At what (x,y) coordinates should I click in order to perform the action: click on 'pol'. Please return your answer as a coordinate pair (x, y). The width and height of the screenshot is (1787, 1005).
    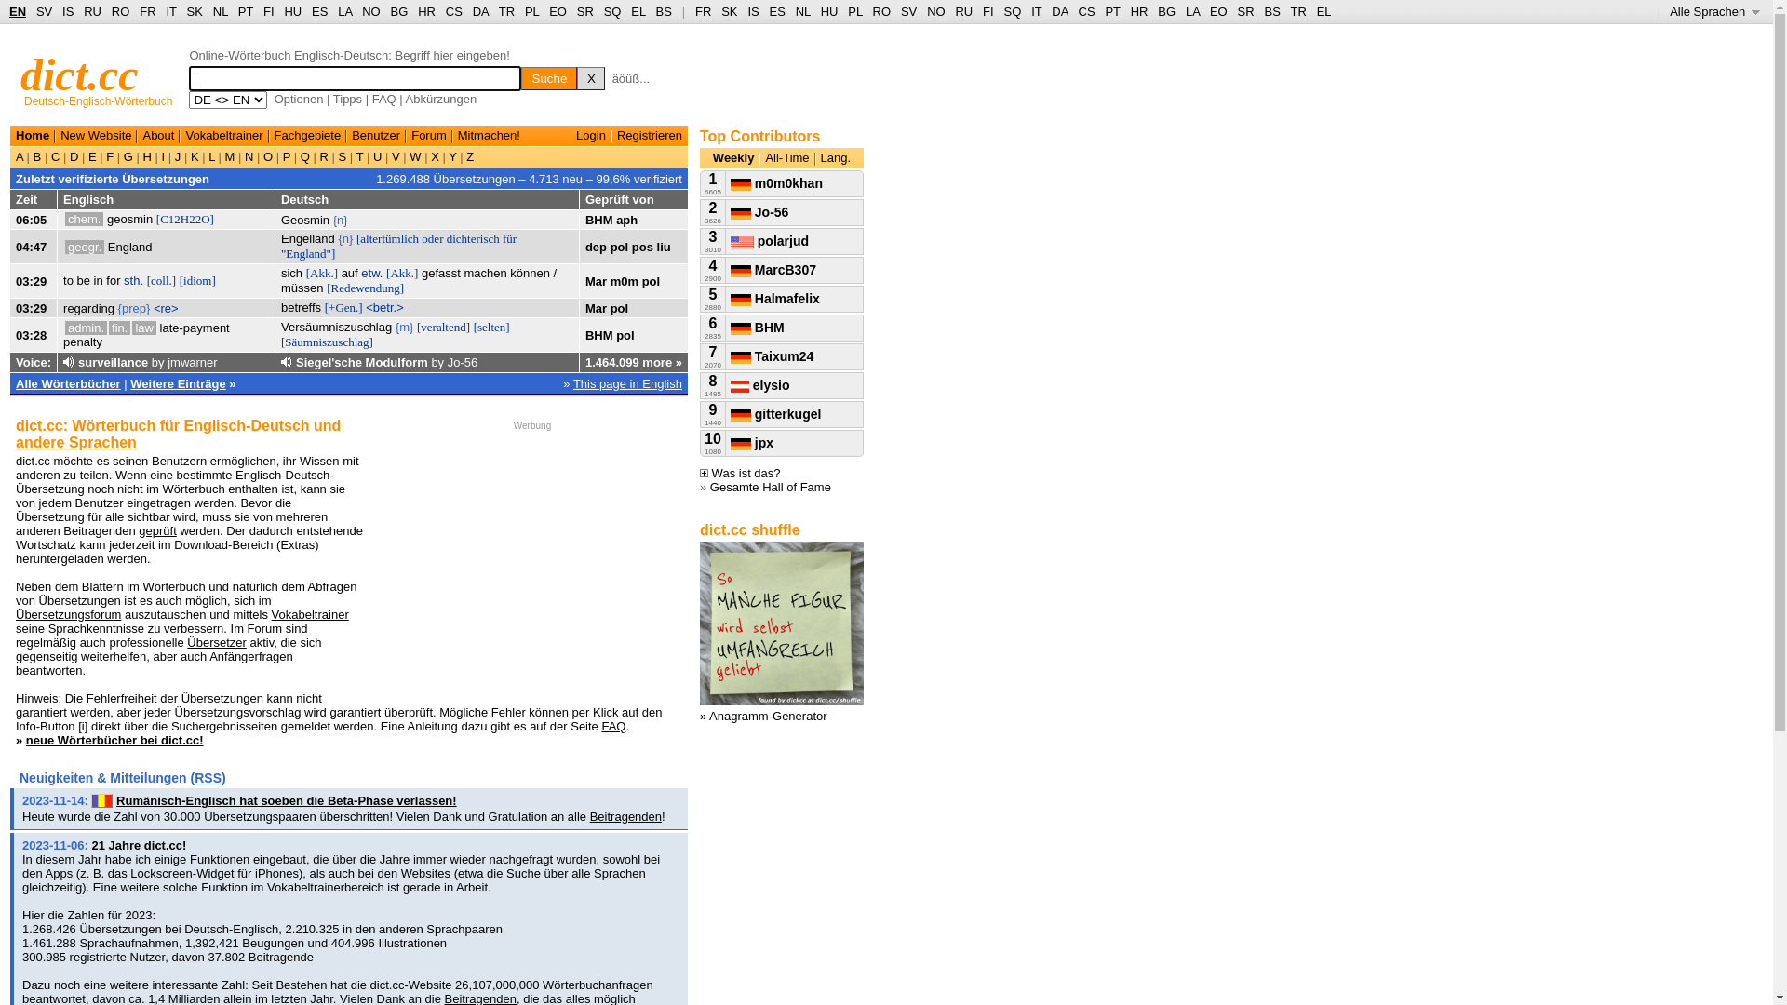
    Looking at the image, I should click on (620, 246).